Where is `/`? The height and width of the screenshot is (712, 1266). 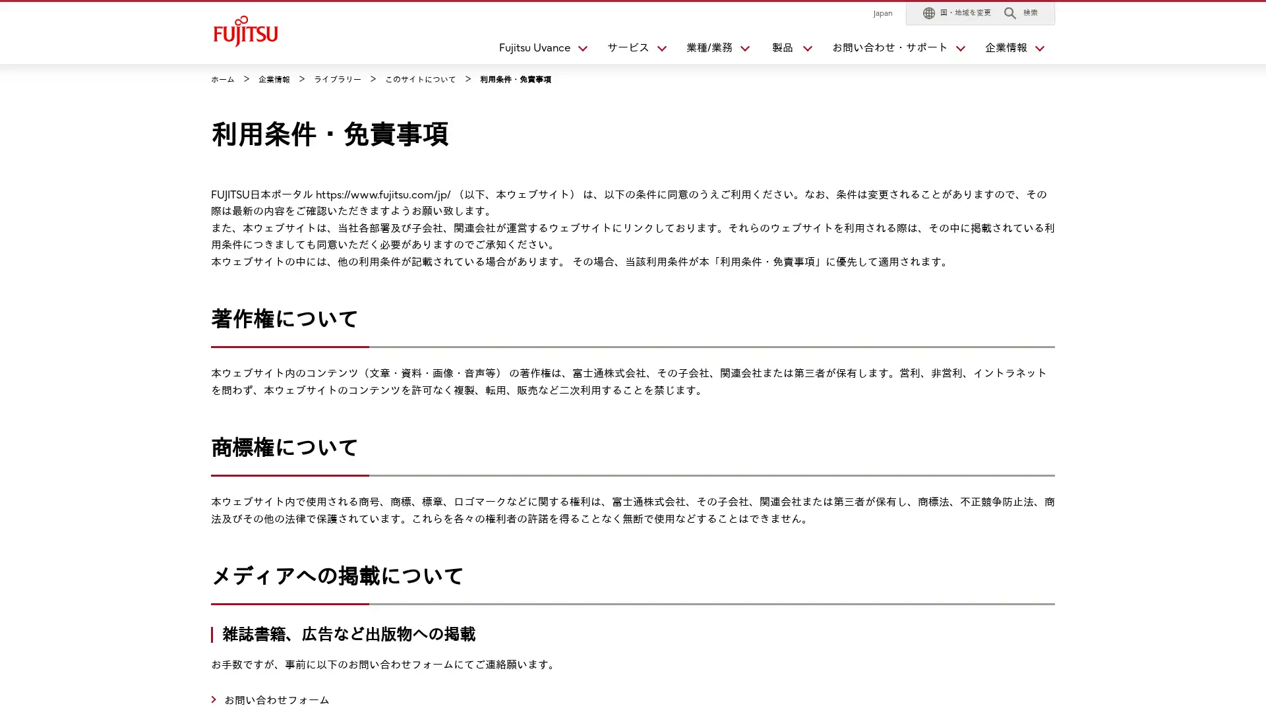 / is located at coordinates (711, 50).